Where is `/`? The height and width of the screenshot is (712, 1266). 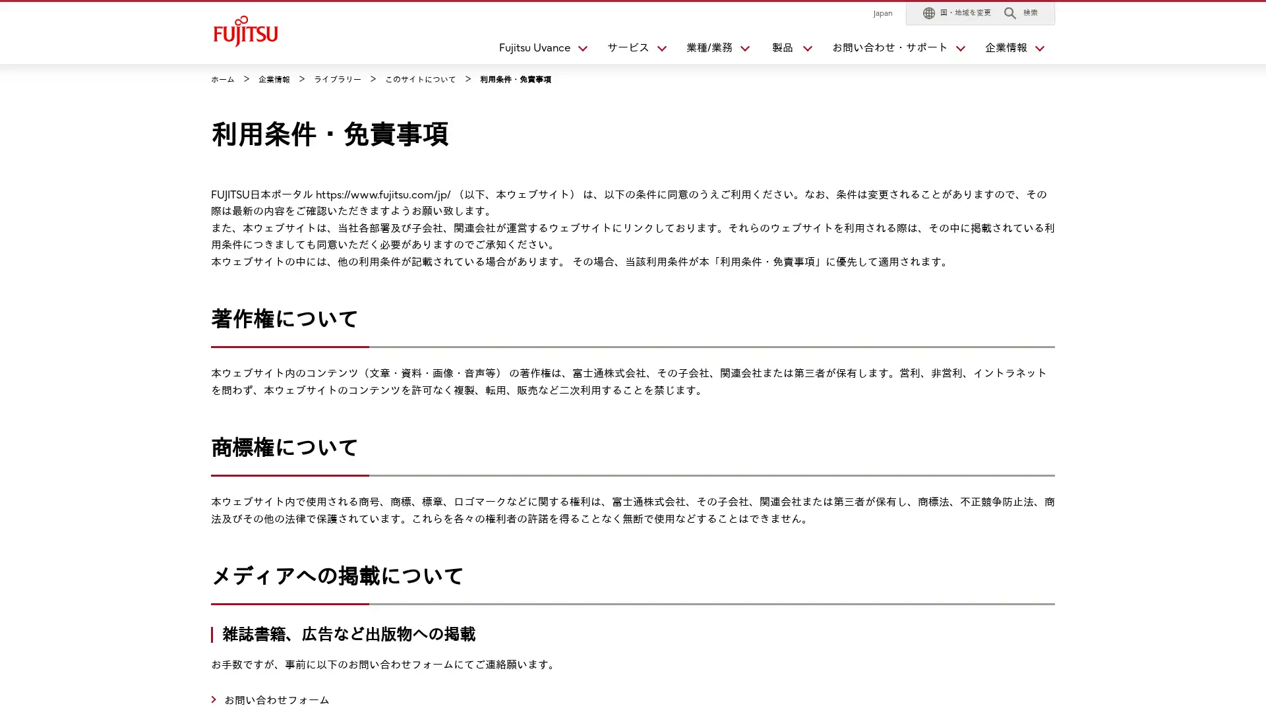 / is located at coordinates (711, 50).